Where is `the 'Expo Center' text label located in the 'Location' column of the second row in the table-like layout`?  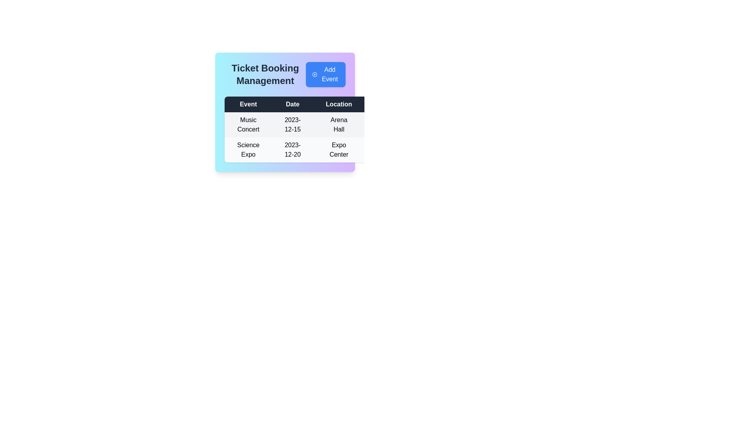 the 'Expo Center' text label located in the 'Location' column of the second row in the table-like layout is located at coordinates (339, 150).